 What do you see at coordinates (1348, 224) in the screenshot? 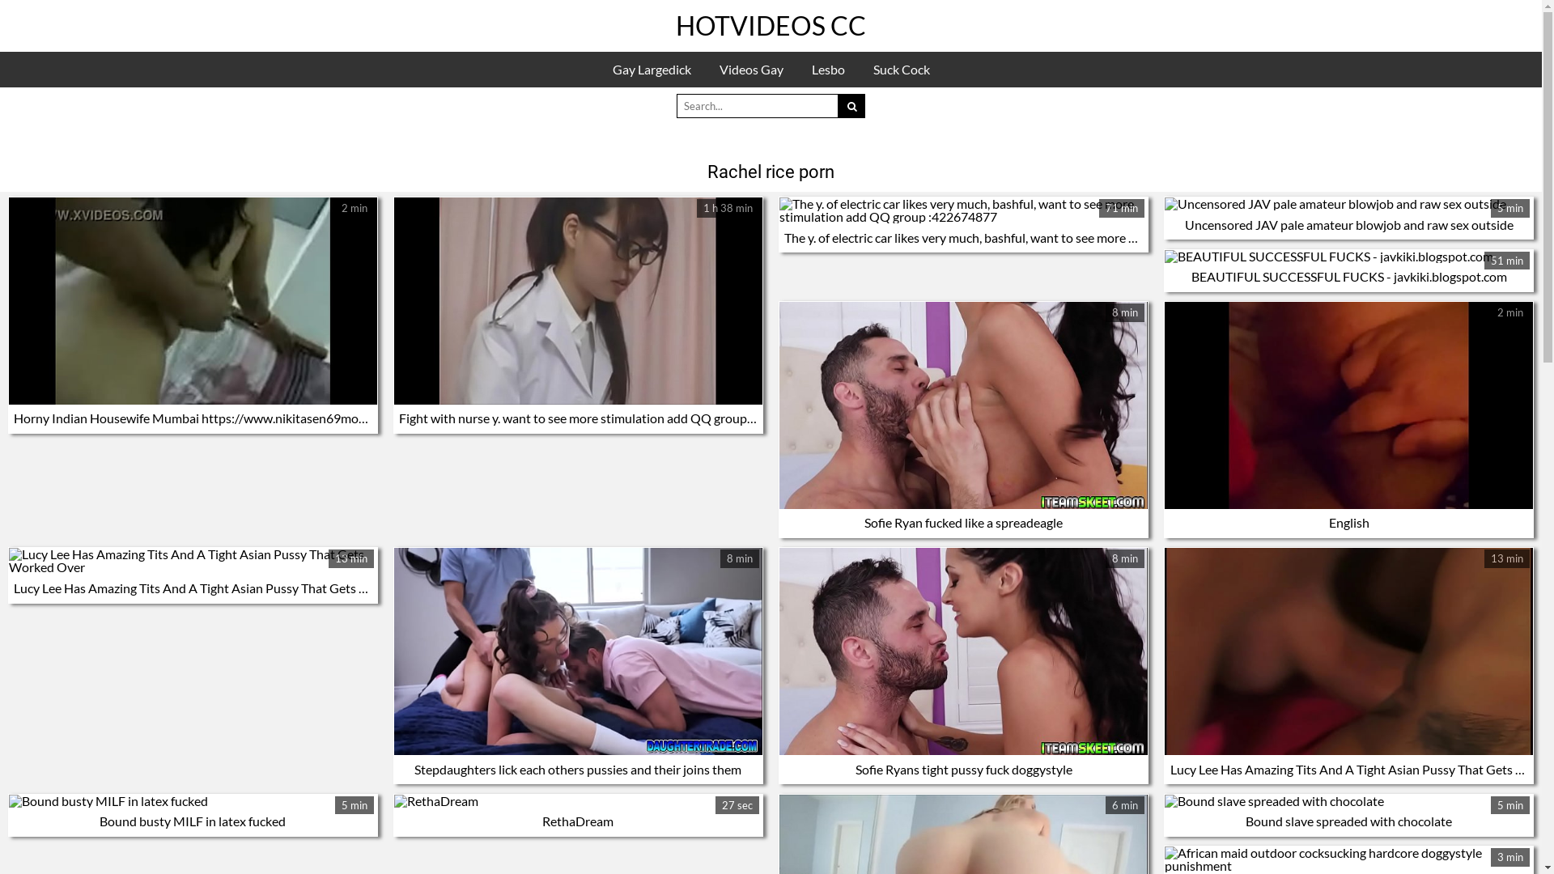
I see `'Uncensored JAV pale amateur blowjob and raw sex outside'` at bounding box center [1348, 224].